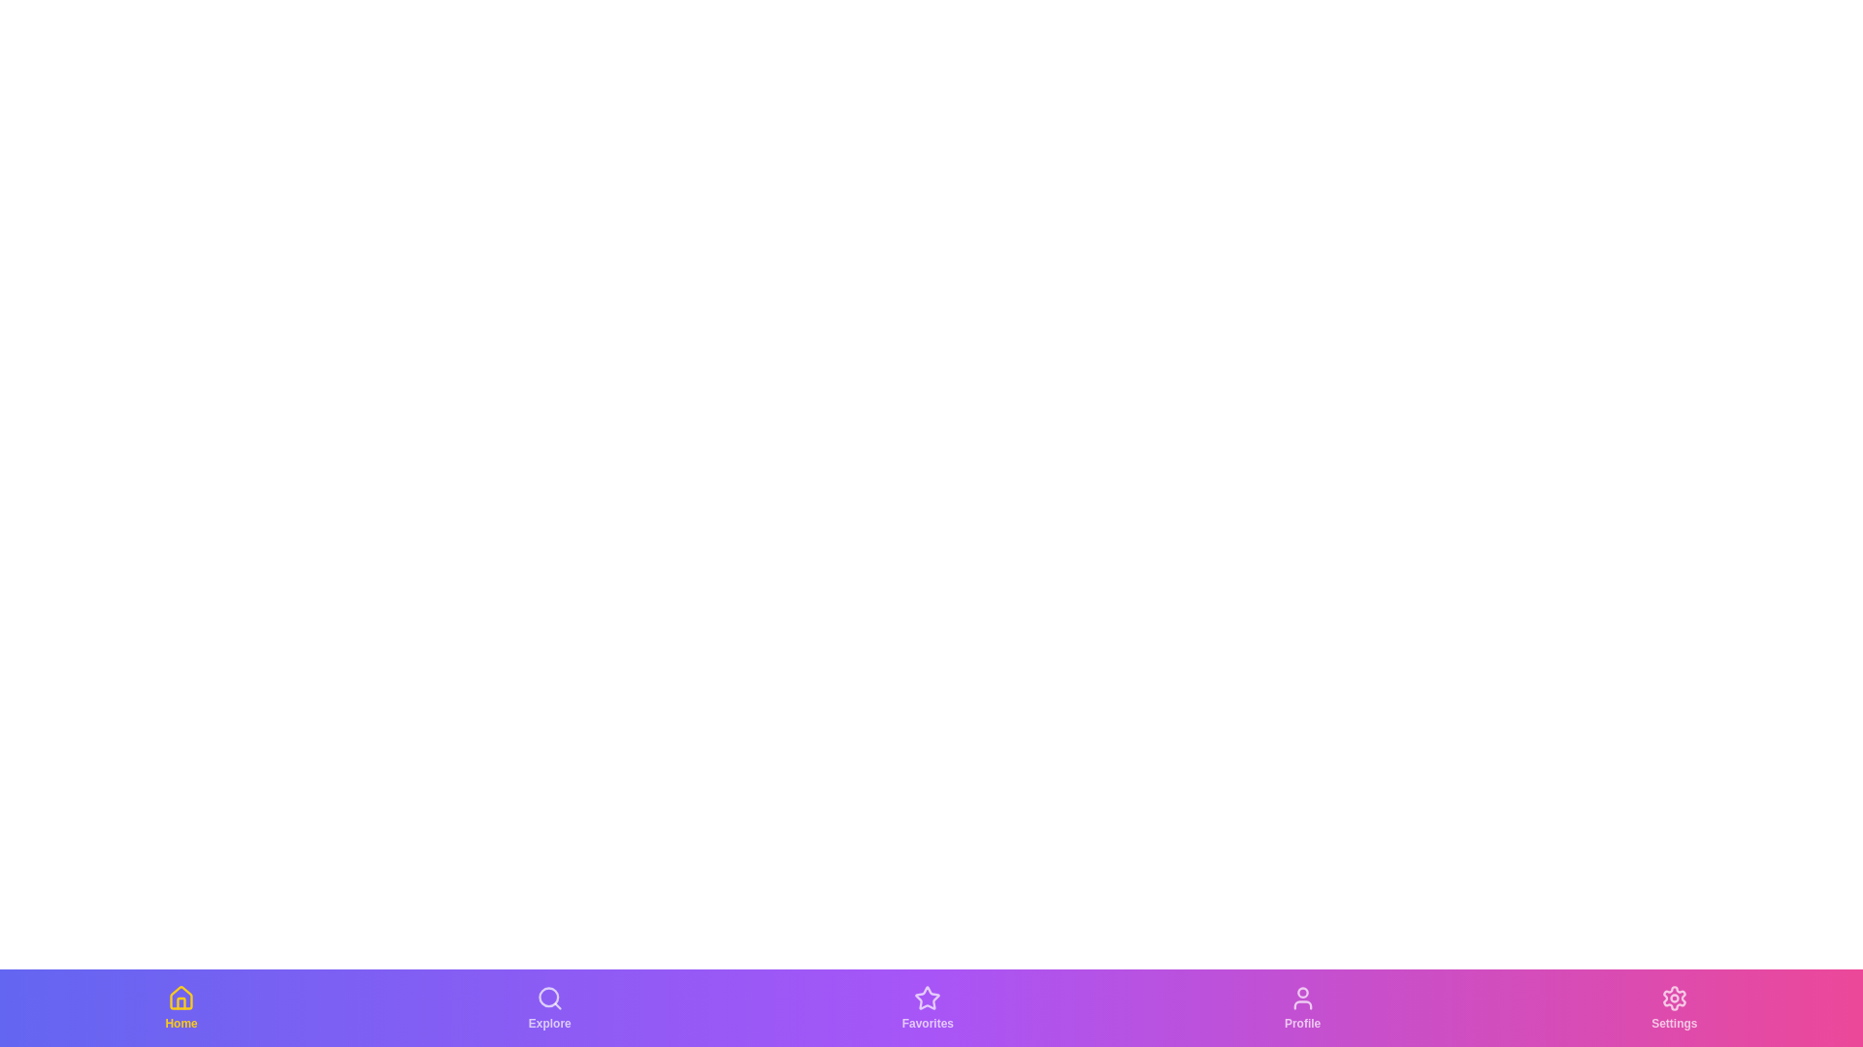 Image resolution: width=1863 pixels, height=1047 pixels. I want to click on the tab labeled Profile to observe its hover effect, so click(1302, 1007).